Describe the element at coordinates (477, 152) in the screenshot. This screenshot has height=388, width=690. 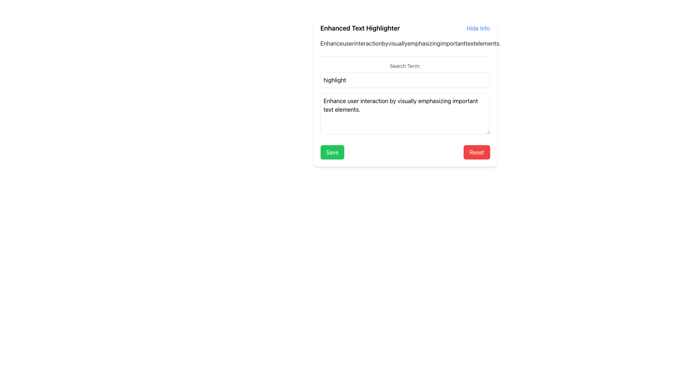
I see `the red 'Reset' button located at the bottom right of the panel` at that location.